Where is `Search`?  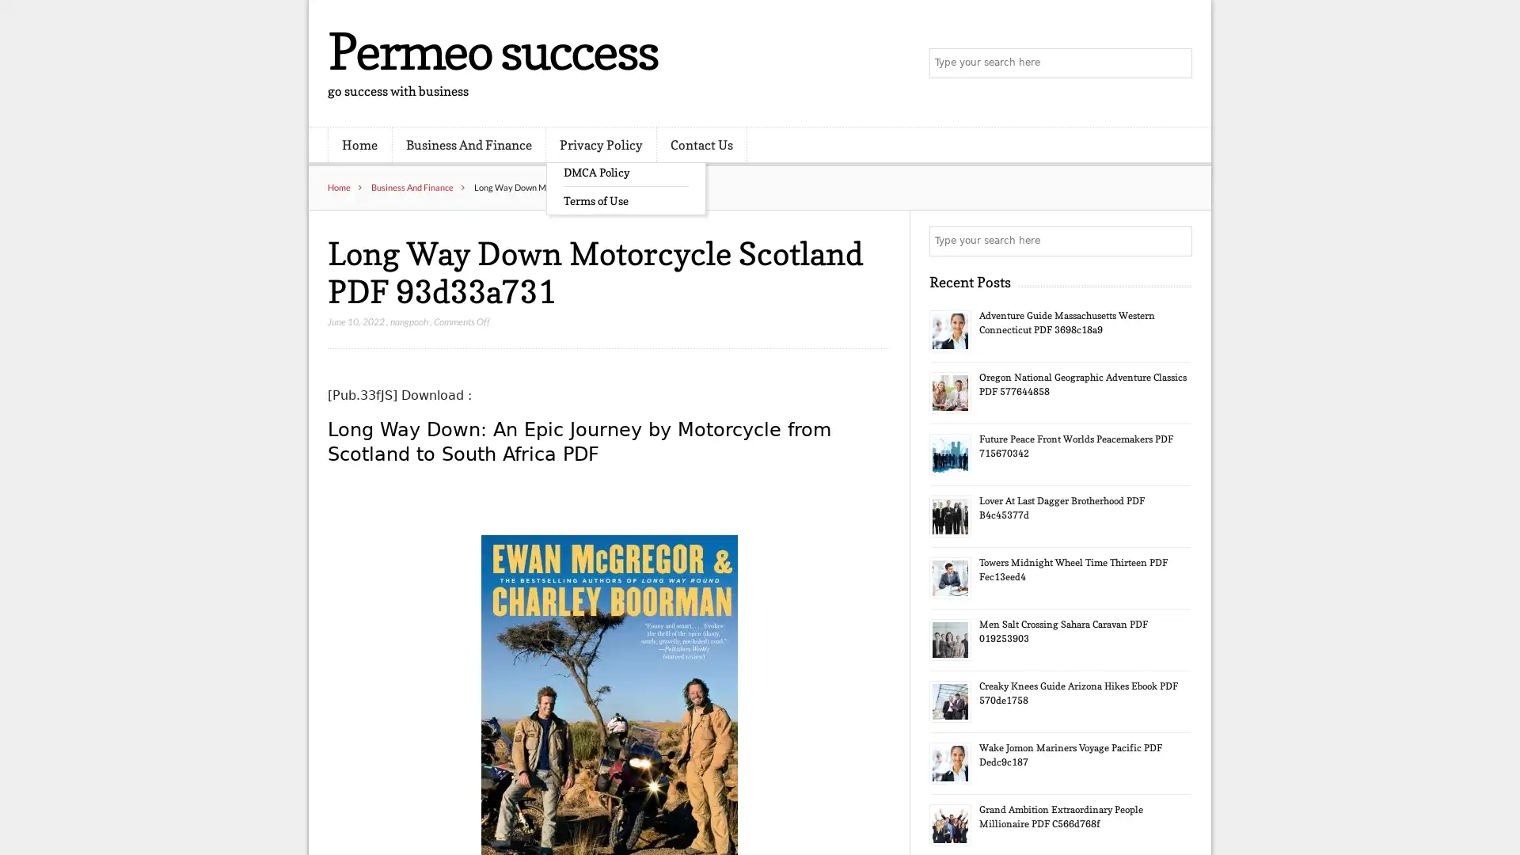 Search is located at coordinates (1176, 63).